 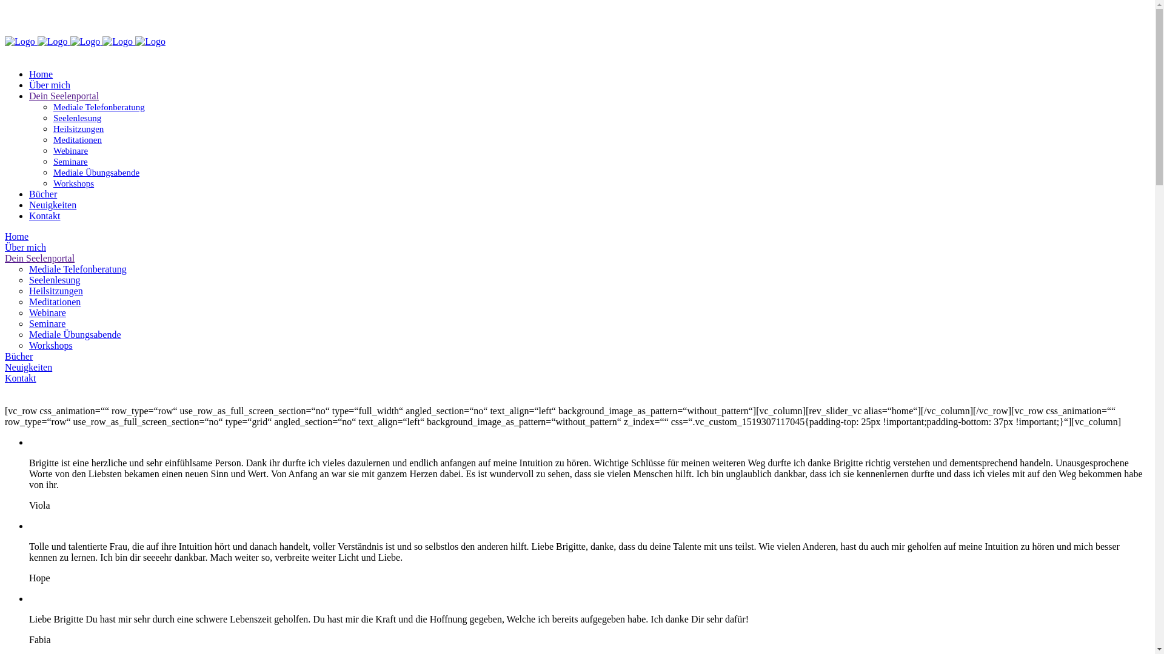 What do you see at coordinates (16, 236) in the screenshot?
I see `'Home'` at bounding box center [16, 236].